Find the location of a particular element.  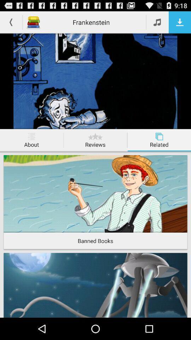

the music icon is located at coordinates (157, 24).